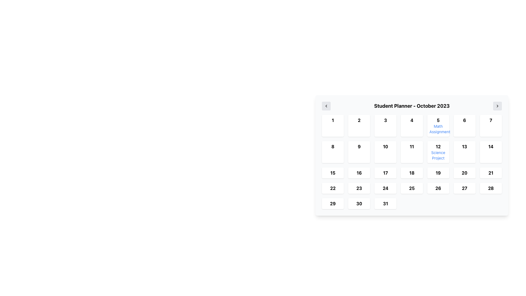 This screenshot has width=526, height=296. I want to click on to select the date represented by the text corresponding to the 9th day of the month in the calendar widget, located in the second row and second column of the grid layout, so click(359, 146).